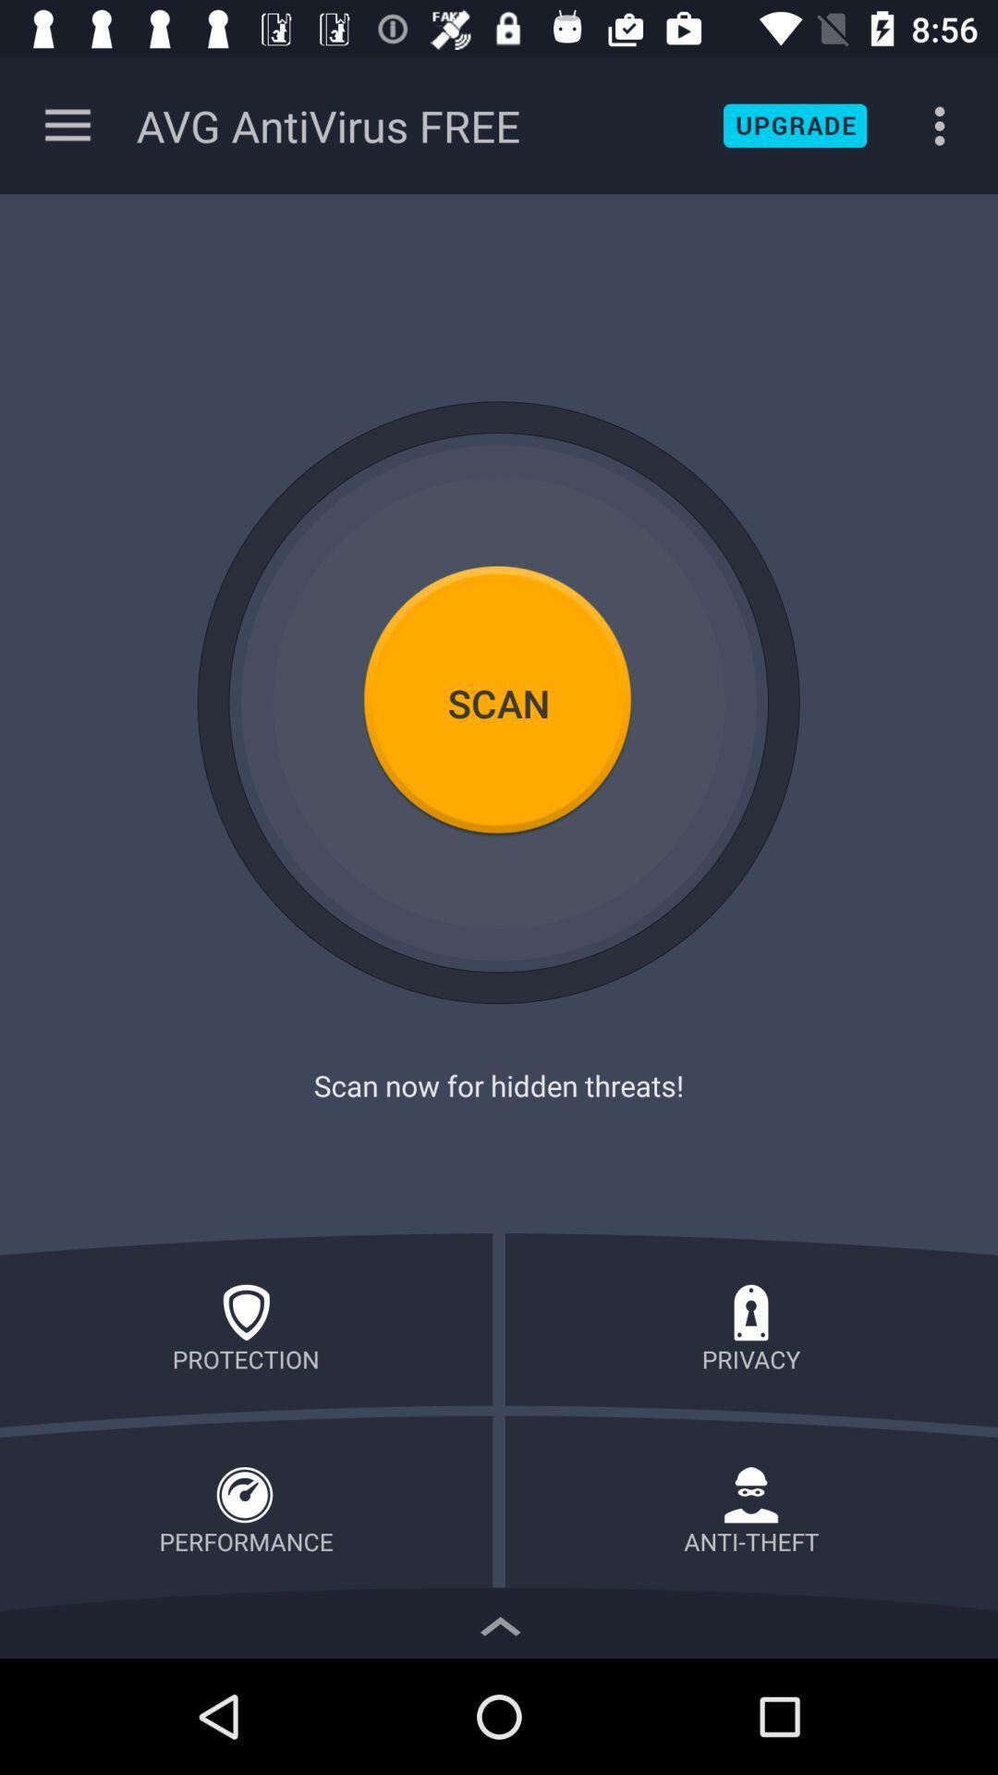 The image size is (998, 1775). What do you see at coordinates (794, 125) in the screenshot?
I see `upgrade app` at bounding box center [794, 125].